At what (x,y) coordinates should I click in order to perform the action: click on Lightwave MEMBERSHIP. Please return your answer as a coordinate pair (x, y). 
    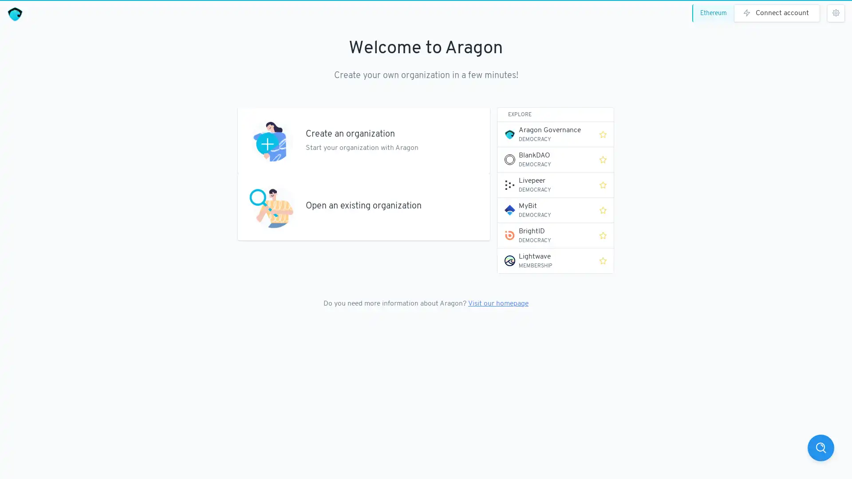
    Looking at the image, I should click on (544, 260).